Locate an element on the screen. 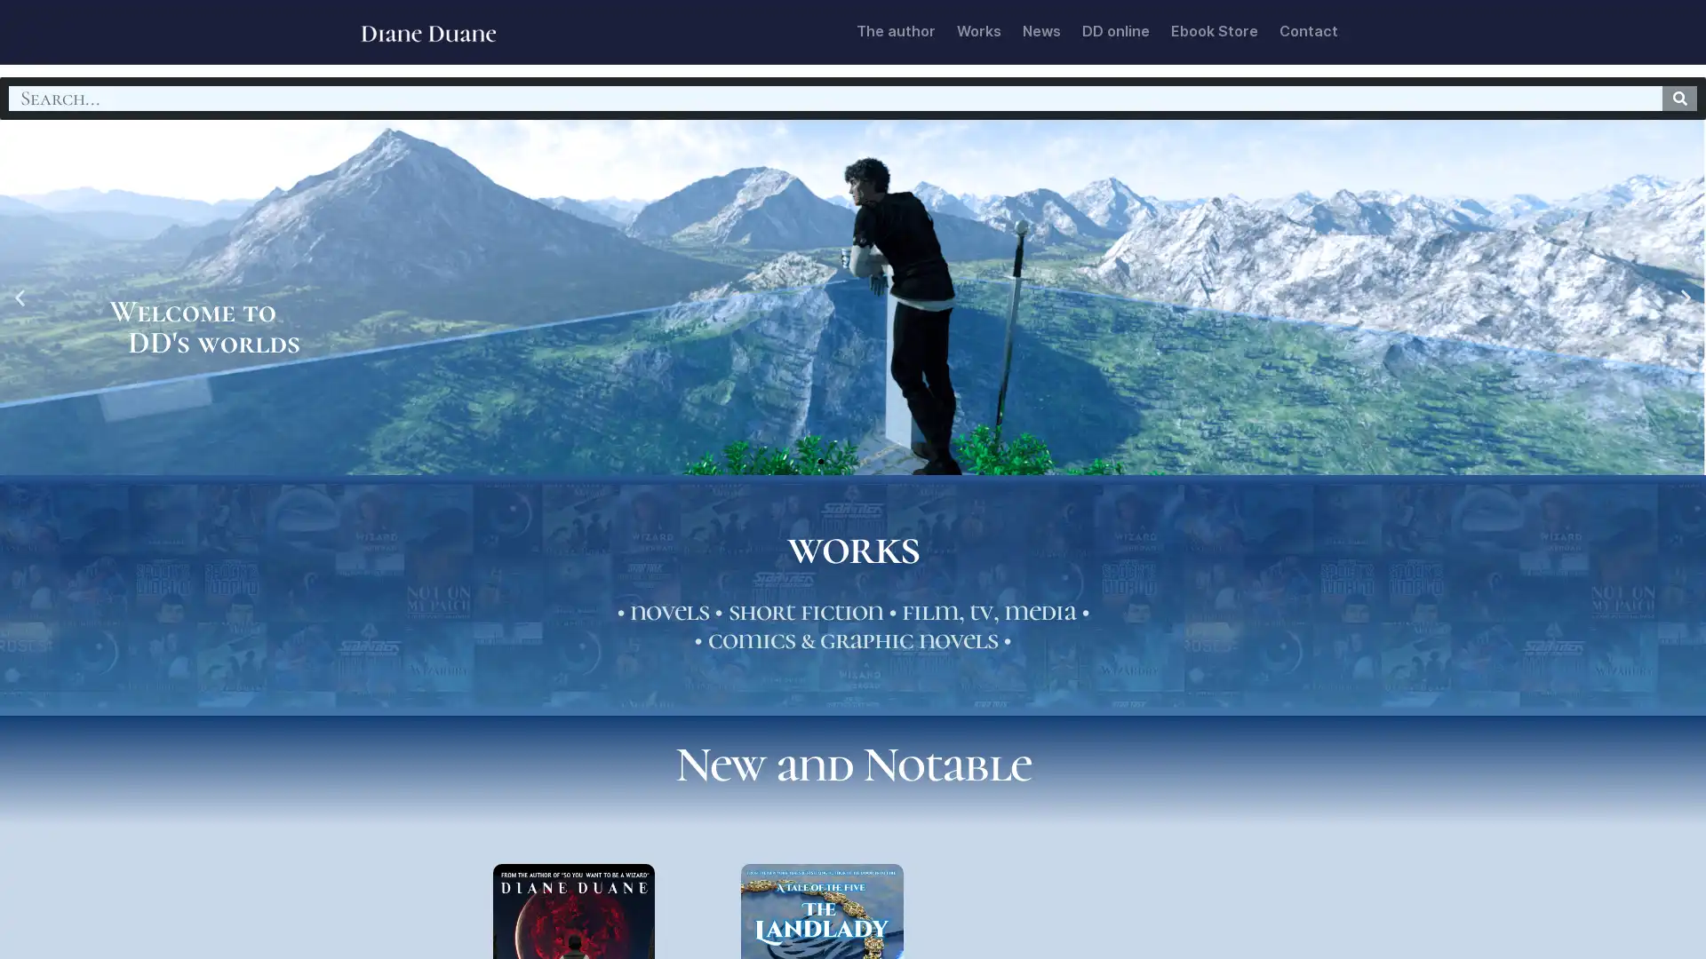  Go to slide 3 is located at coordinates (853, 469).